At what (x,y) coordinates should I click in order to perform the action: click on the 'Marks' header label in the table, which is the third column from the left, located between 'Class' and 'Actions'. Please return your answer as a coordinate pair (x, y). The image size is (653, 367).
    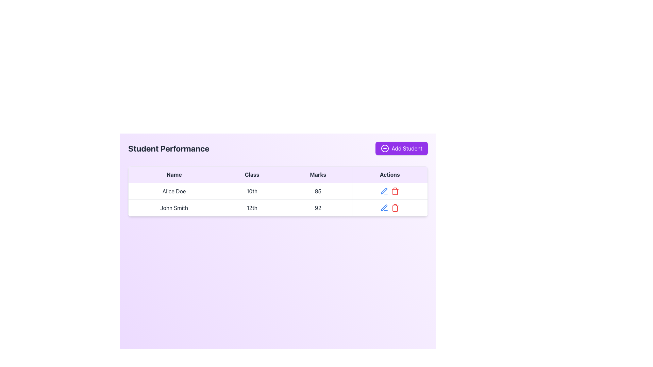
    Looking at the image, I should click on (318, 174).